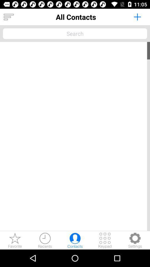 The image size is (150, 267). Describe the element at coordinates (75, 33) in the screenshot. I see `clique para procurar` at that location.